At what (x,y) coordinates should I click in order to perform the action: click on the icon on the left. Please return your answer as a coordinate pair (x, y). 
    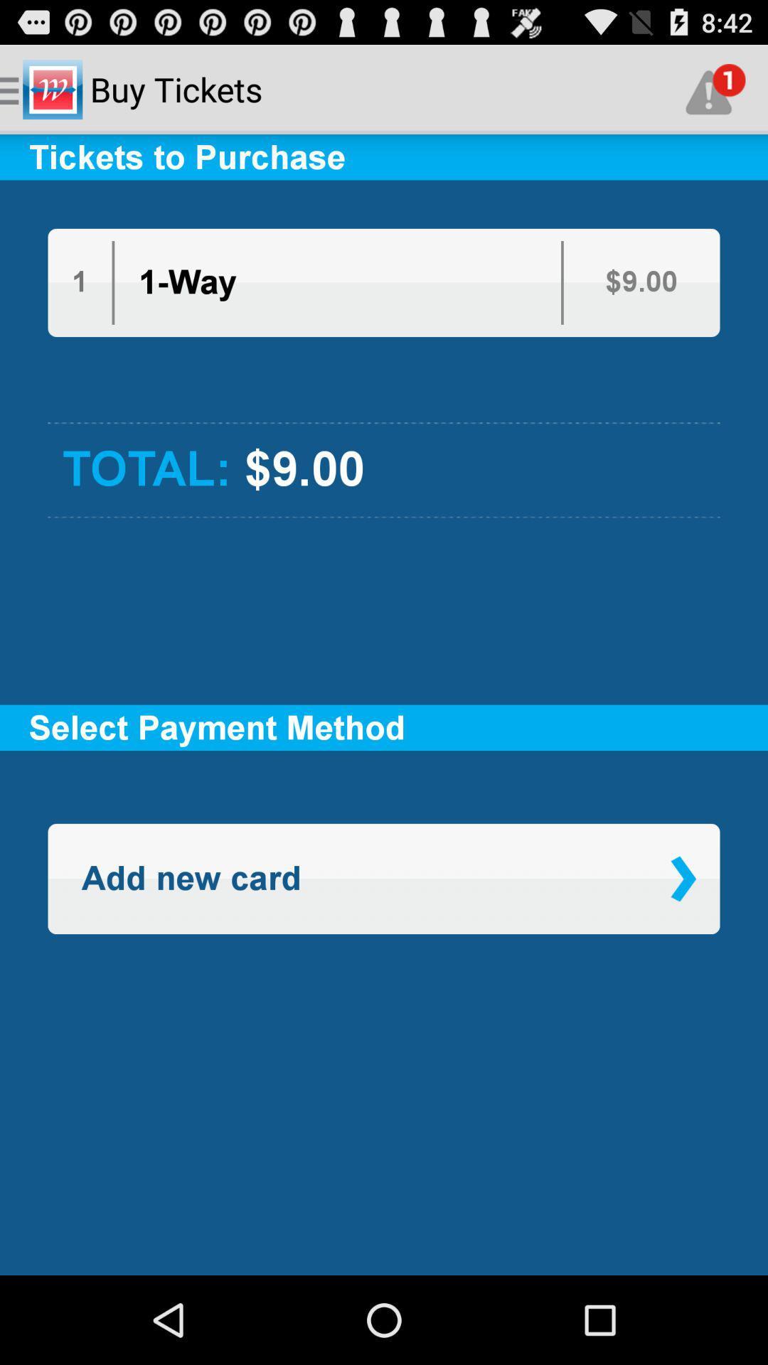
    Looking at the image, I should click on (191, 878).